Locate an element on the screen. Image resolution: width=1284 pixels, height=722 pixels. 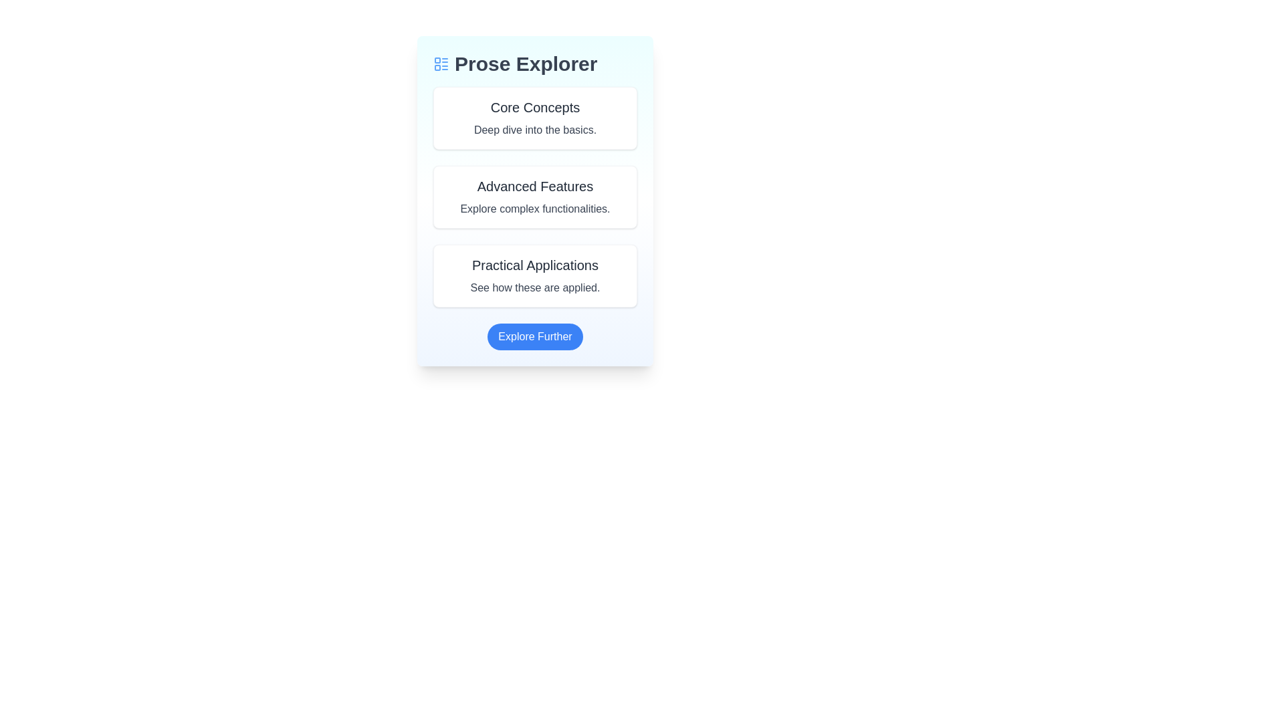
the navigation button located at the bottom center of the 'Prose Explorer' panel to observe the color change effect is located at coordinates (535, 336).